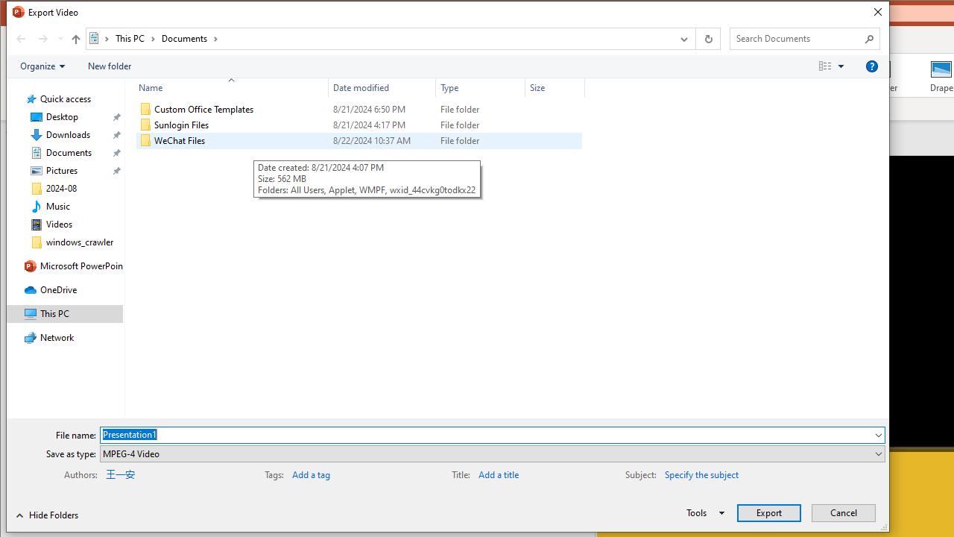 The image size is (954, 537). I want to click on 'Sunlogin Files', so click(358, 125).